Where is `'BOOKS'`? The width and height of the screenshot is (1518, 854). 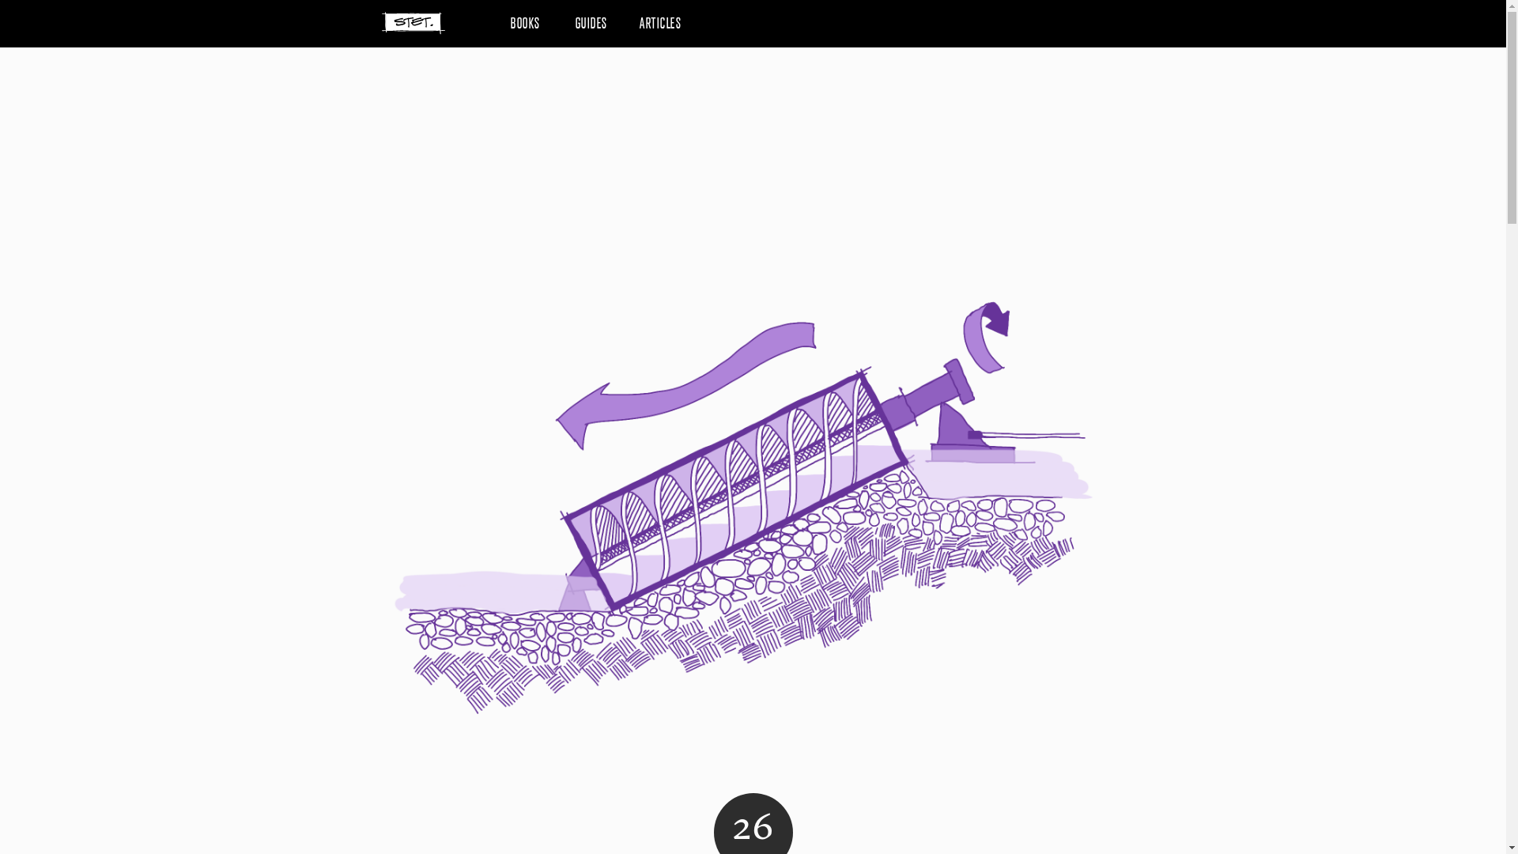 'BOOKS' is located at coordinates (524, 22).